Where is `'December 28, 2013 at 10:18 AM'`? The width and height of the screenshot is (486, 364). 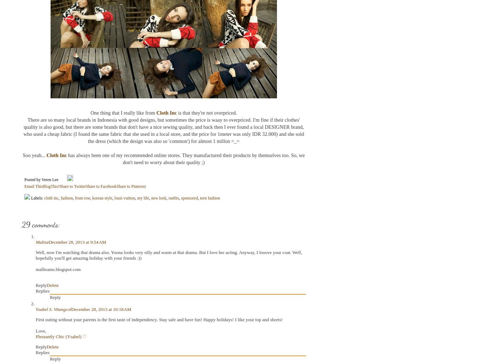
'December 28, 2013 at 10:18 AM' is located at coordinates (101, 309).